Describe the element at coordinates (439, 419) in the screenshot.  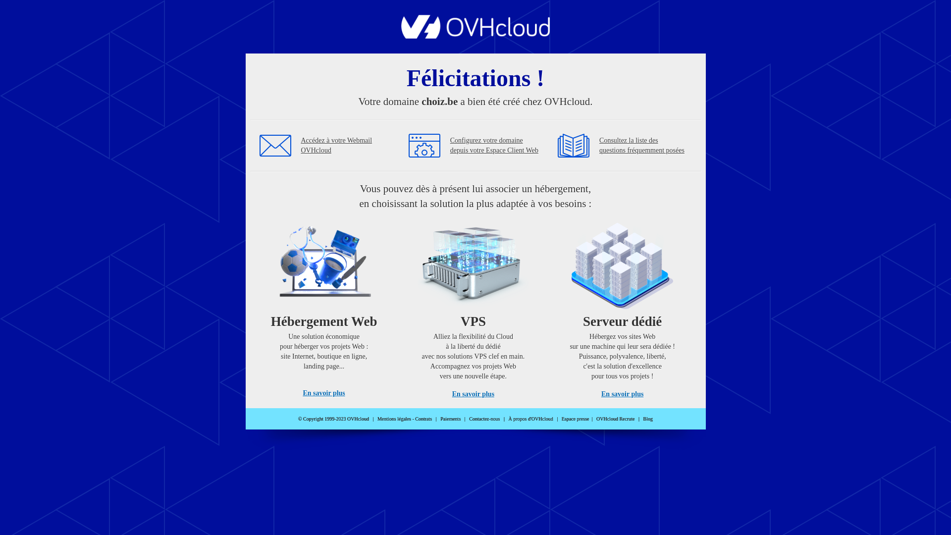
I see `'Paiements'` at that location.